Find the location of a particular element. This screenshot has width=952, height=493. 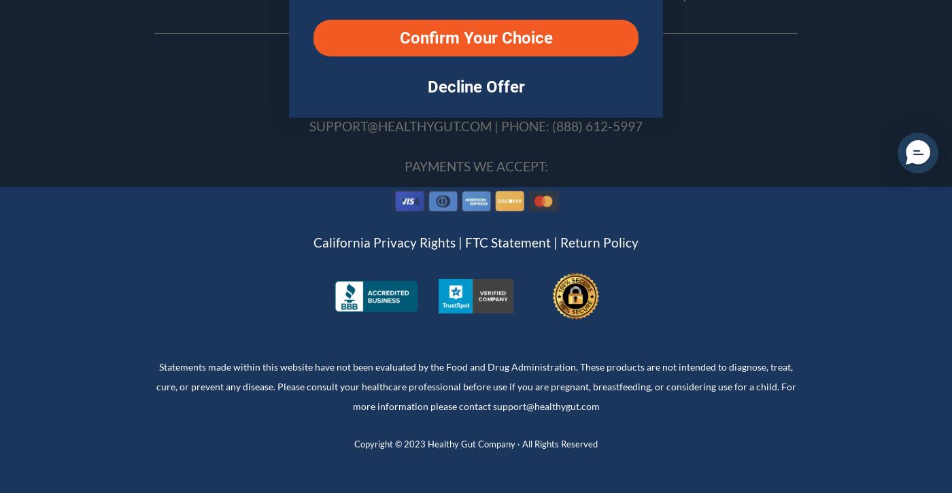

'Statements made within this website have not been evaluated by the Food and Drug Administration. These products are not intended to diagnose, treat,' is located at coordinates (476, 366).